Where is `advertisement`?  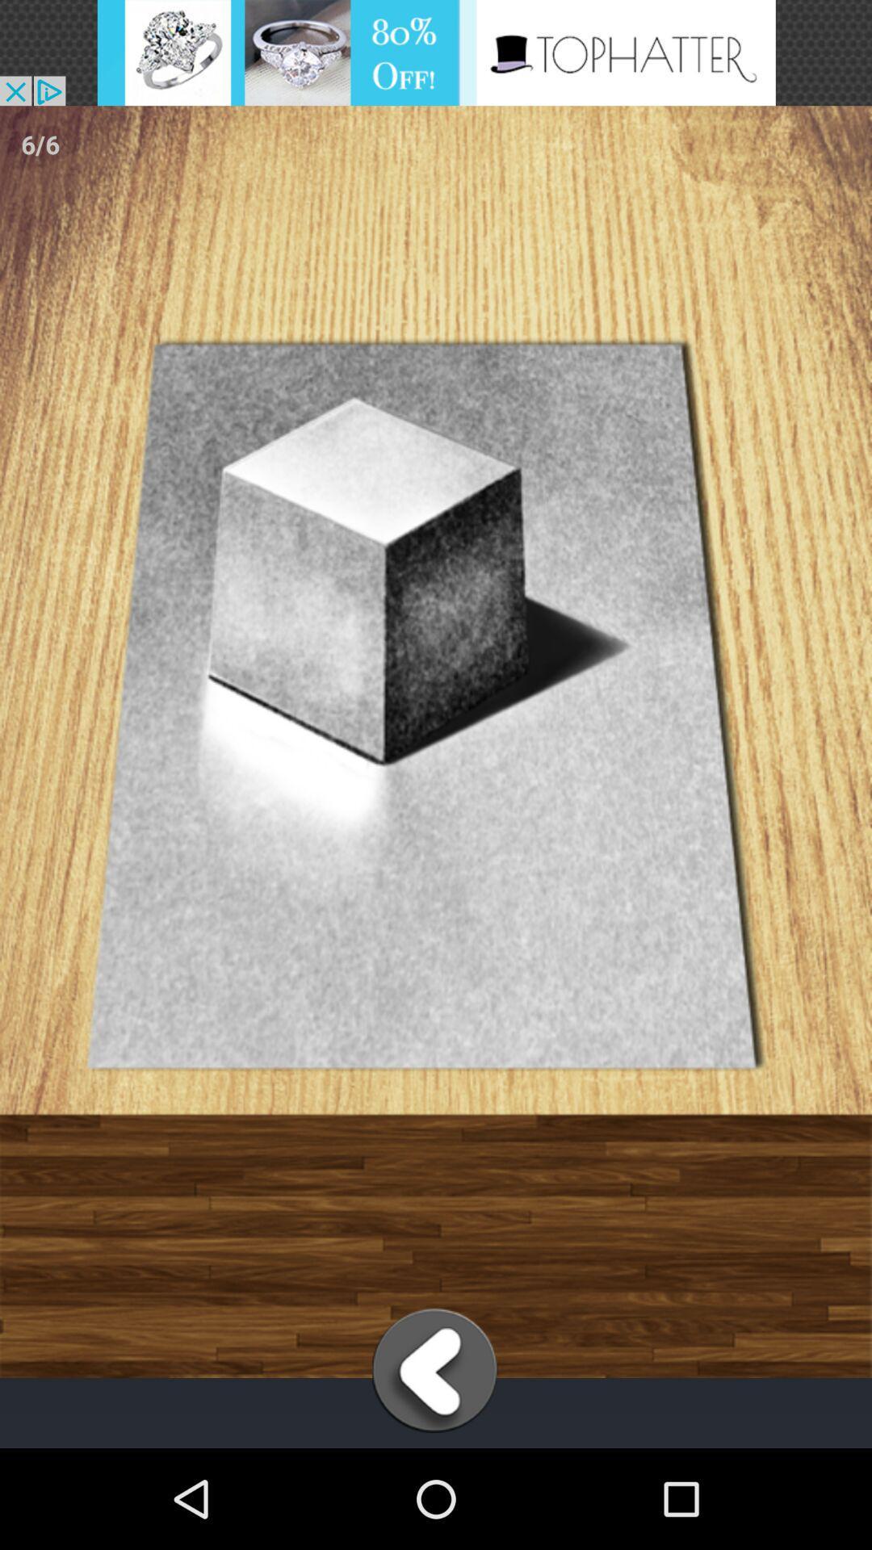 advertisement is located at coordinates (436, 52).